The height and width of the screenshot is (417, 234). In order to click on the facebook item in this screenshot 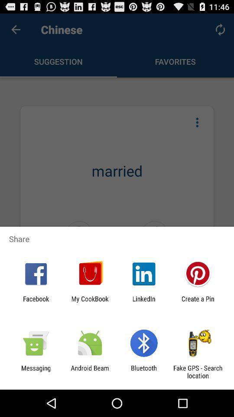, I will do `click(36, 302)`.